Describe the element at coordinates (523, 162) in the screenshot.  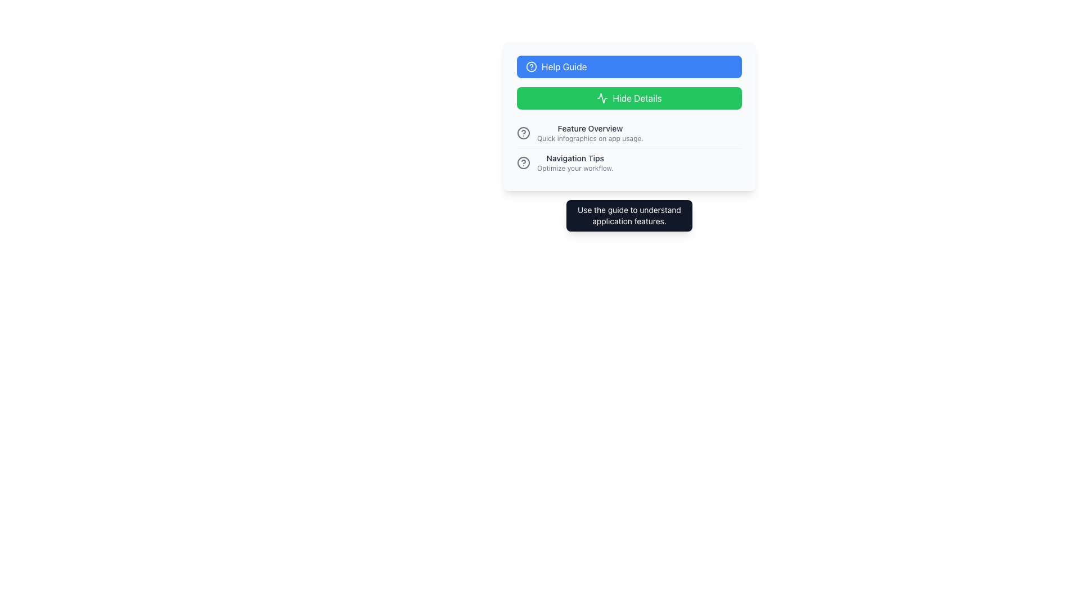
I see `the visual indicator icon for the 'Navigation Tips' section, located at the far left of the list item` at that location.